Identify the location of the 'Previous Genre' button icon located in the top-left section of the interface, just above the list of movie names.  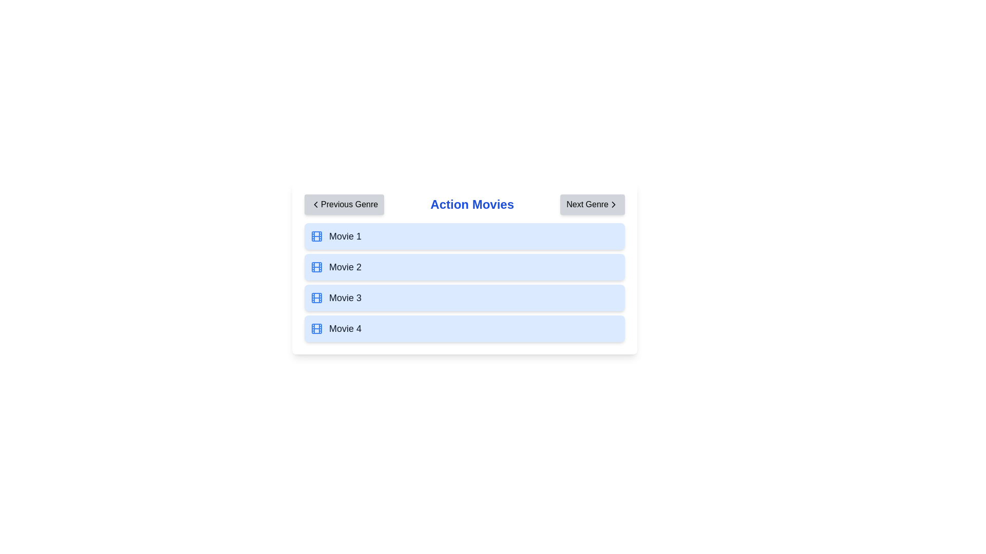
(315, 204).